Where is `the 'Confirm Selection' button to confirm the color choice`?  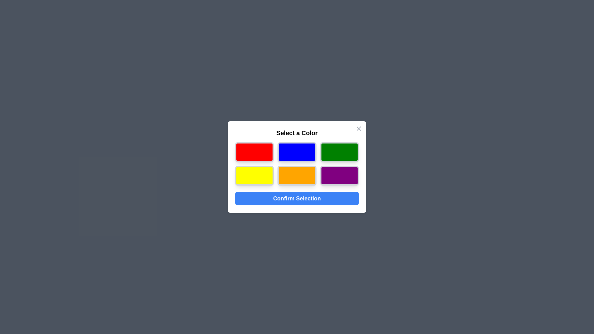
the 'Confirm Selection' button to confirm the color choice is located at coordinates (297, 198).